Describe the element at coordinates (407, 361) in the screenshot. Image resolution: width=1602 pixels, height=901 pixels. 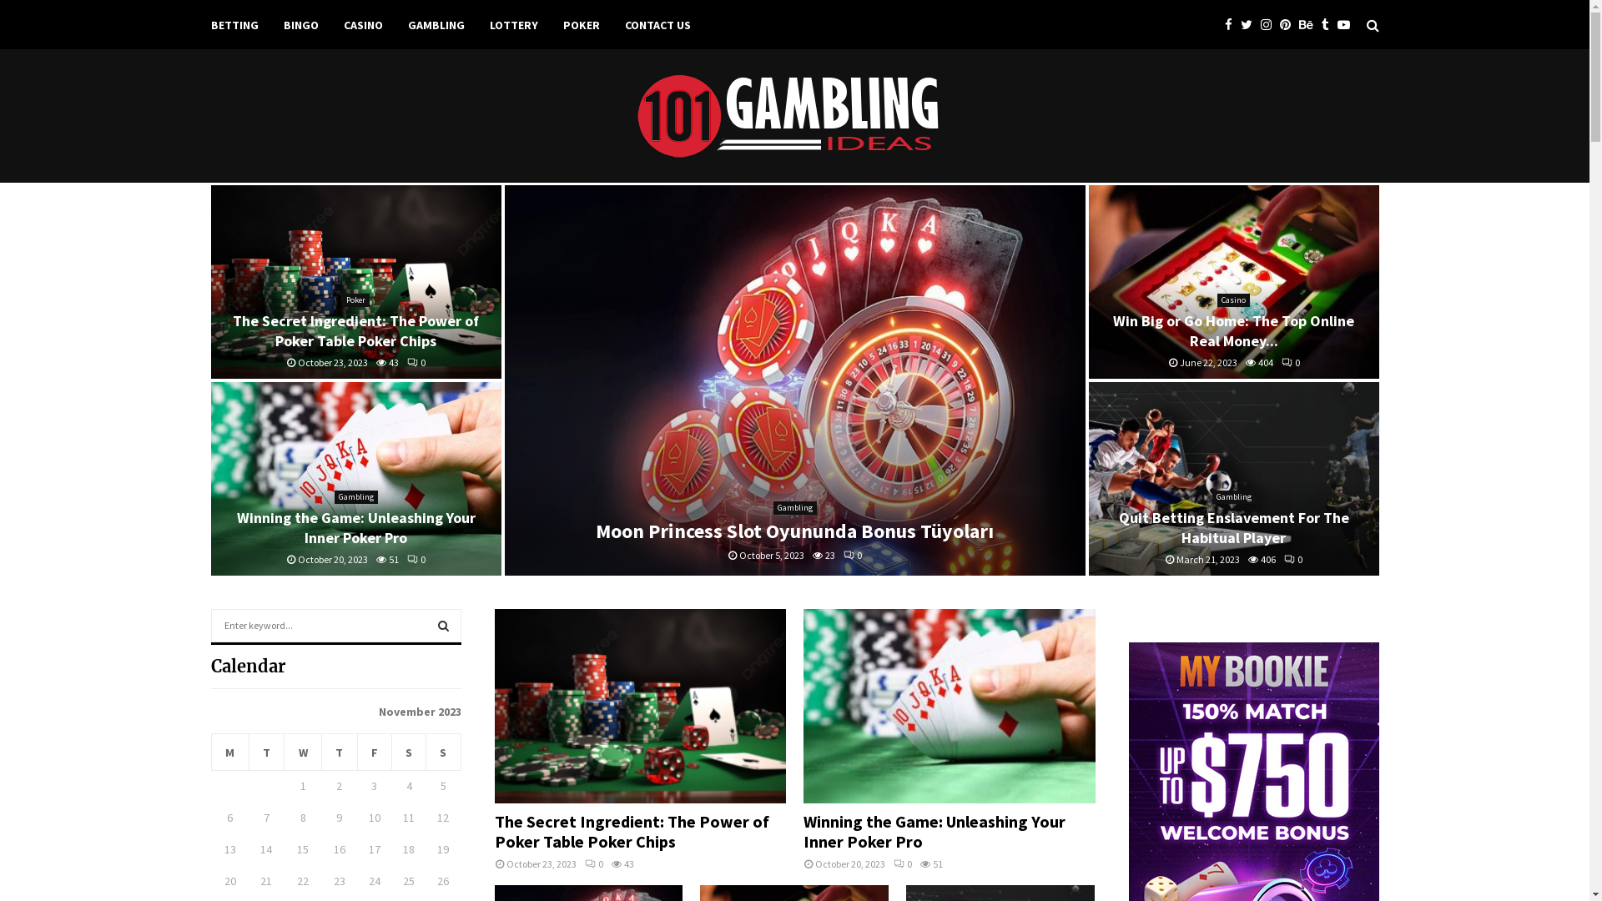
I see `'0'` at that location.